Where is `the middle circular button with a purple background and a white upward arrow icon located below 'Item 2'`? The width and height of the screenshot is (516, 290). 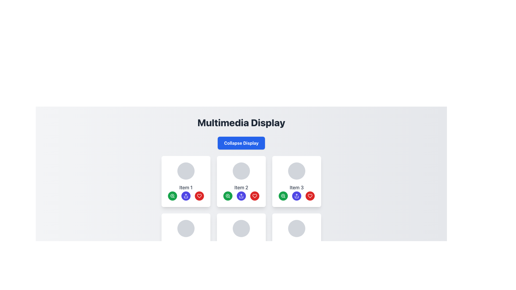 the middle circular button with a purple background and a white upward arrow icon located below 'Item 2' is located at coordinates (241, 196).